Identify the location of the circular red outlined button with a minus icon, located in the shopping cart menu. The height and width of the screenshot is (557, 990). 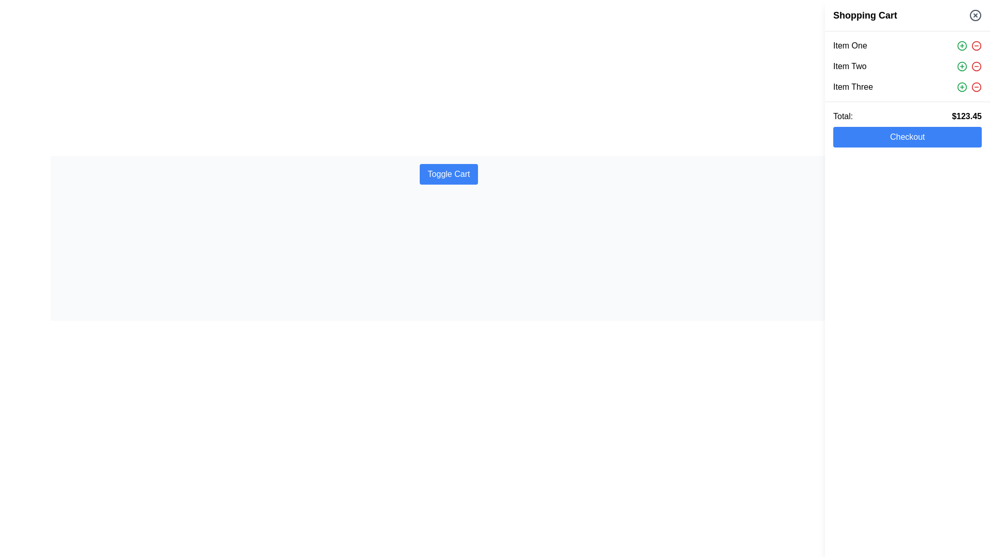
(976, 87).